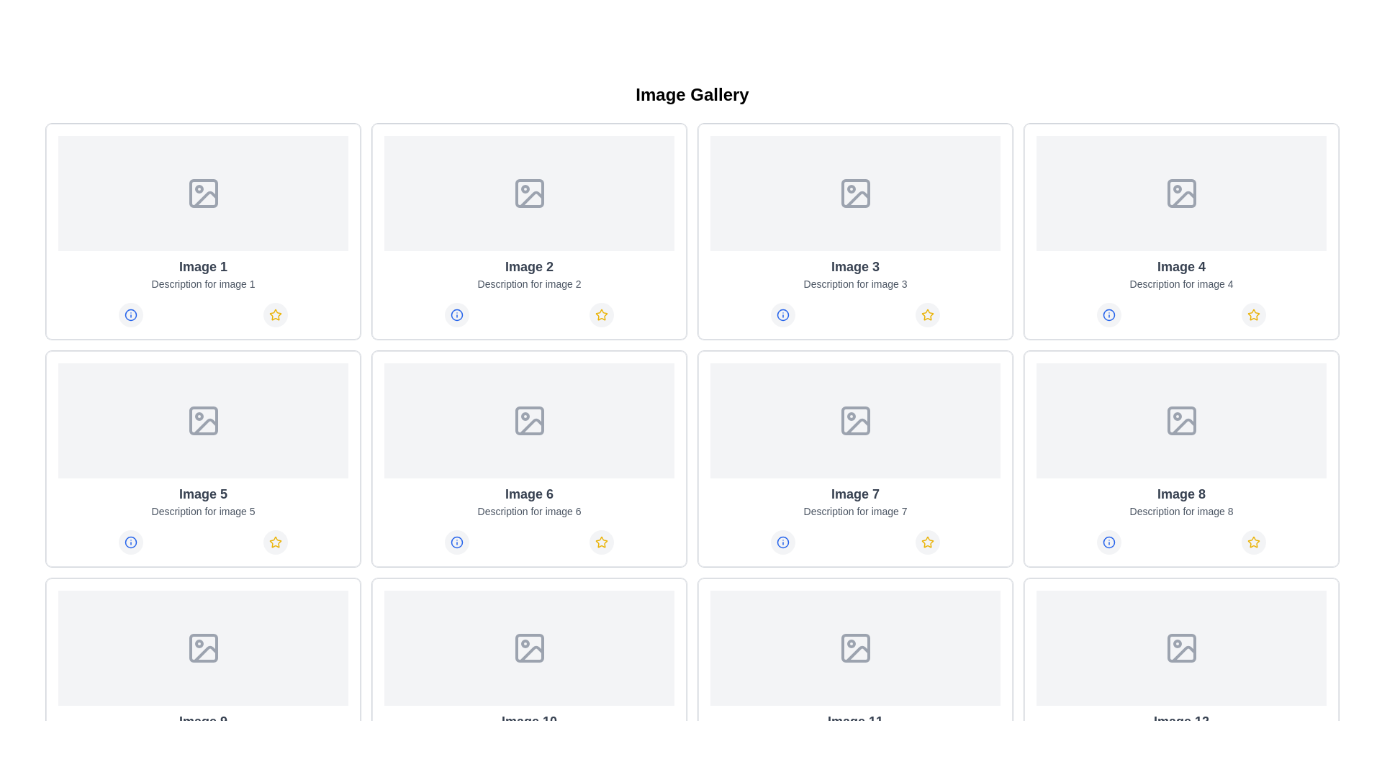 The image size is (1382, 777). What do you see at coordinates (1253, 314) in the screenshot?
I see `the star-shaped icon button with a yellow outline on a light gray background located at the bottom-right corner of the 'Image 4' card` at bounding box center [1253, 314].